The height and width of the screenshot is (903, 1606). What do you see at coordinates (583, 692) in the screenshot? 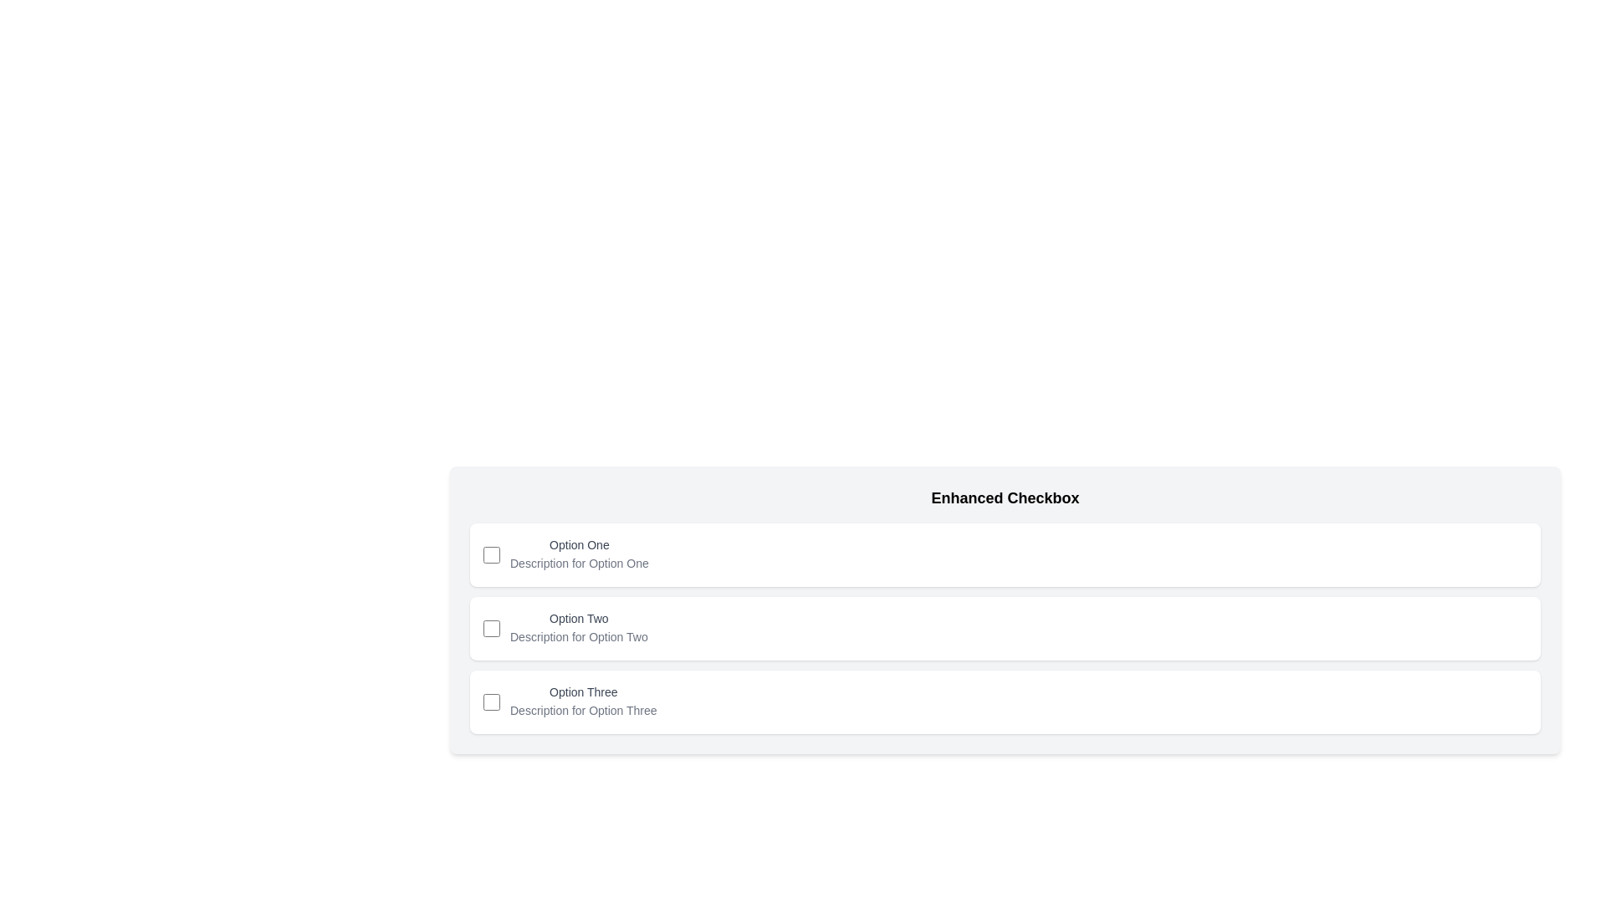
I see `text of the label associated with the third checkbox option, positioned below 'Option Two'` at bounding box center [583, 692].